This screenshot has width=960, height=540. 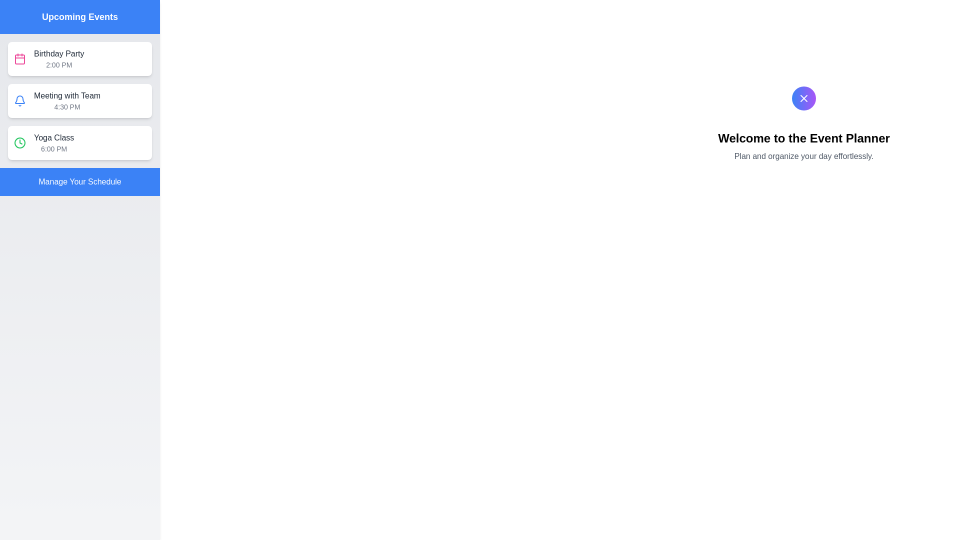 What do you see at coordinates (79, 100) in the screenshot?
I see `information displayed on the informative card titled 'Meeting with Team' scheduled at 4:30 PM, which is the second card in the vertical list located in the left sidebar` at bounding box center [79, 100].